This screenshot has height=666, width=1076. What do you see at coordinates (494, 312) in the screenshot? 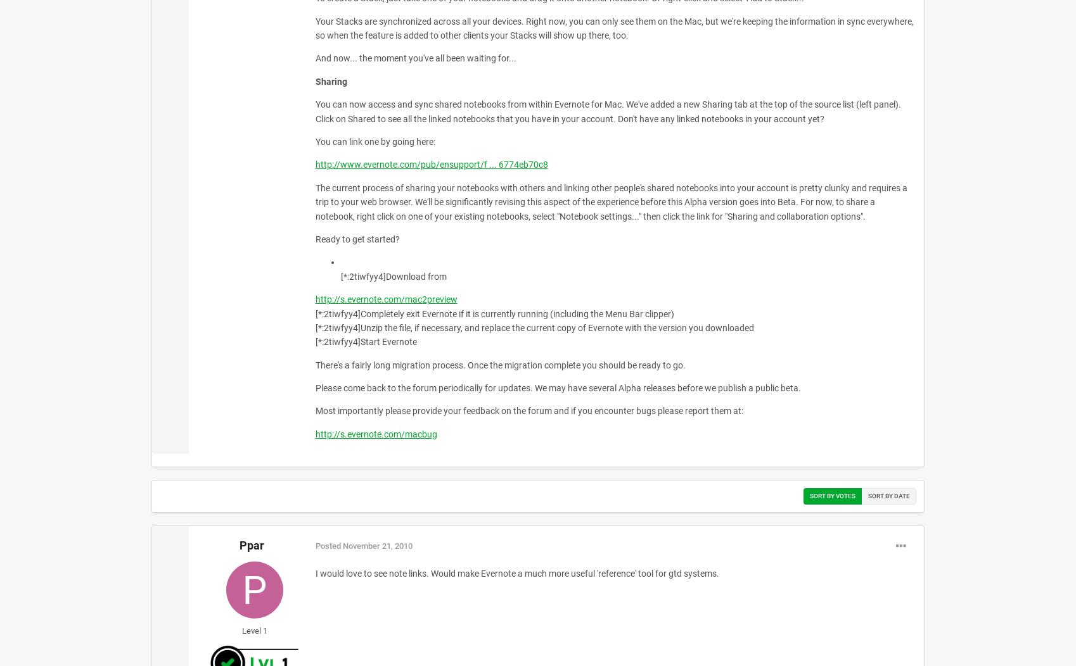
I see `'[*:2tiwfyy4]Completely exit Evernote if it is currently running (including the Menu Bar clipper)'` at bounding box center [494, 312].